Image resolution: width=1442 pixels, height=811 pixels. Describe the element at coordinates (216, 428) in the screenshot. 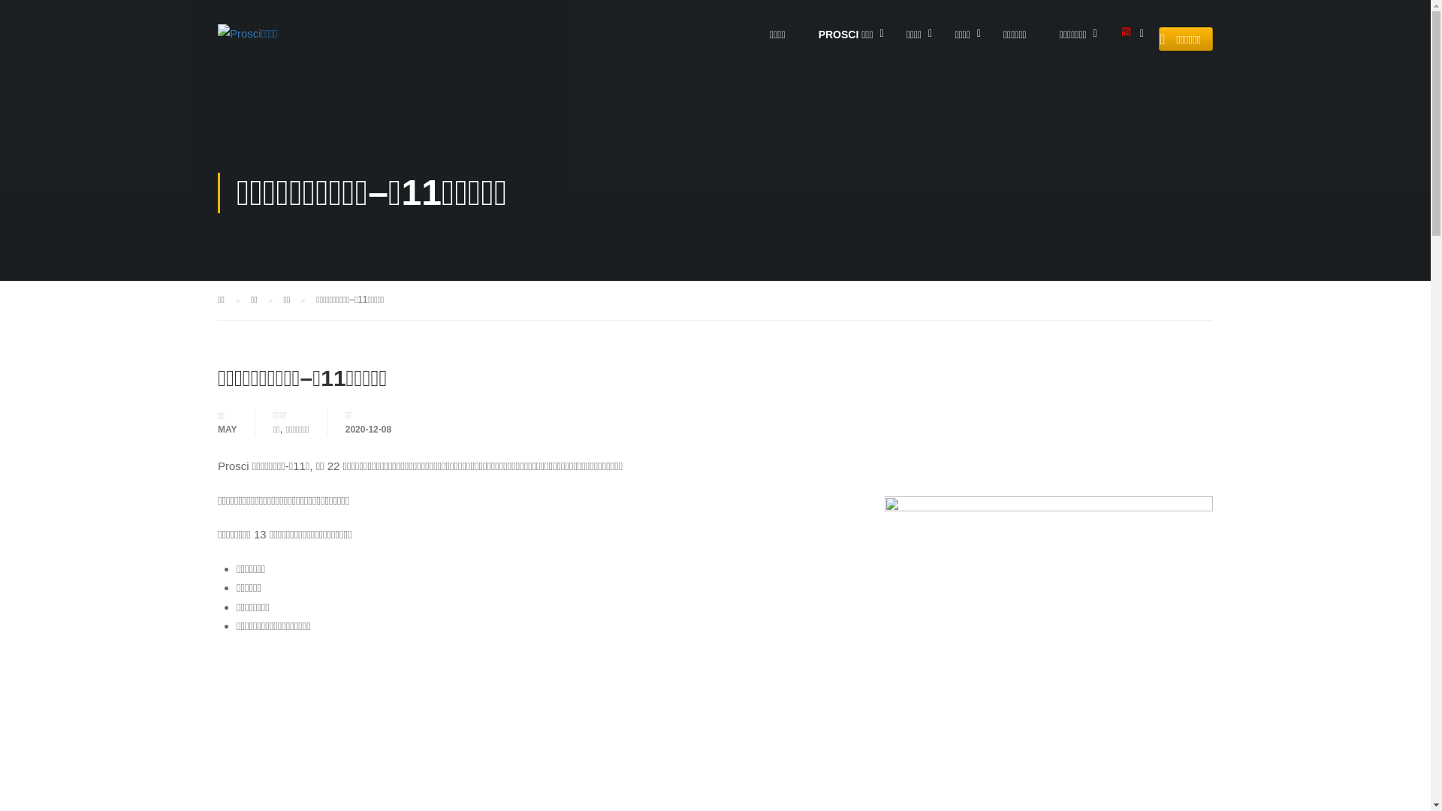

I see `'MAY'` at that location.